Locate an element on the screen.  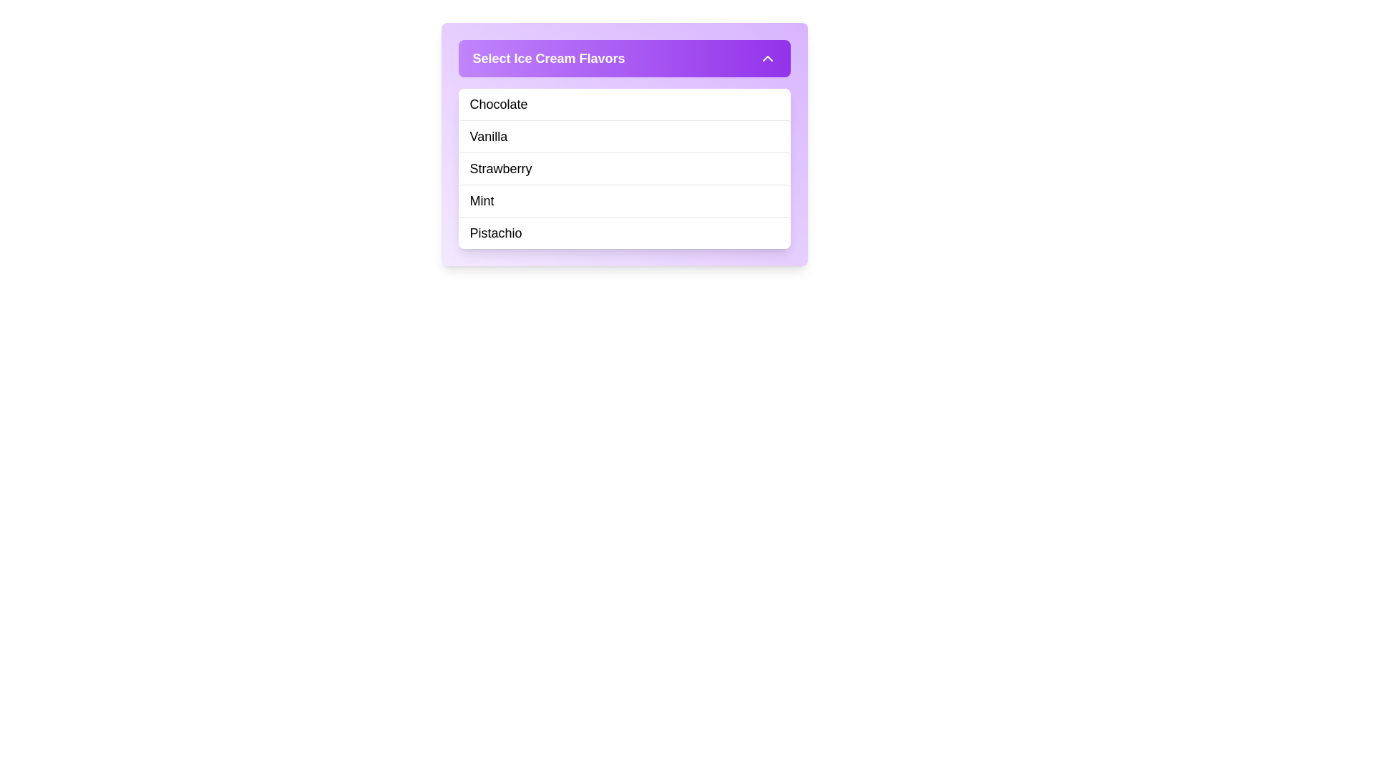
the text element displaying 'Chocolate' which is the first item in the dropdown menu titled 'Select Ice Cream Flavors' is located at coordinates (498, 104).